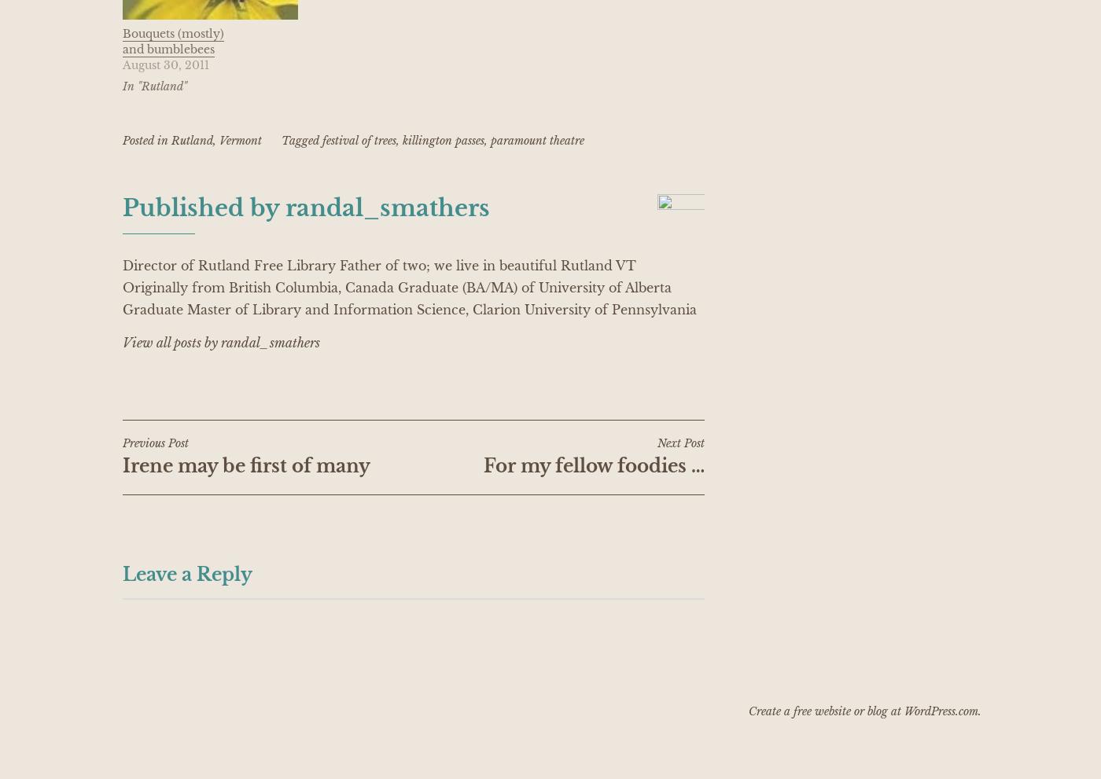  I want to click on 'killington passes', so click(442, 139).